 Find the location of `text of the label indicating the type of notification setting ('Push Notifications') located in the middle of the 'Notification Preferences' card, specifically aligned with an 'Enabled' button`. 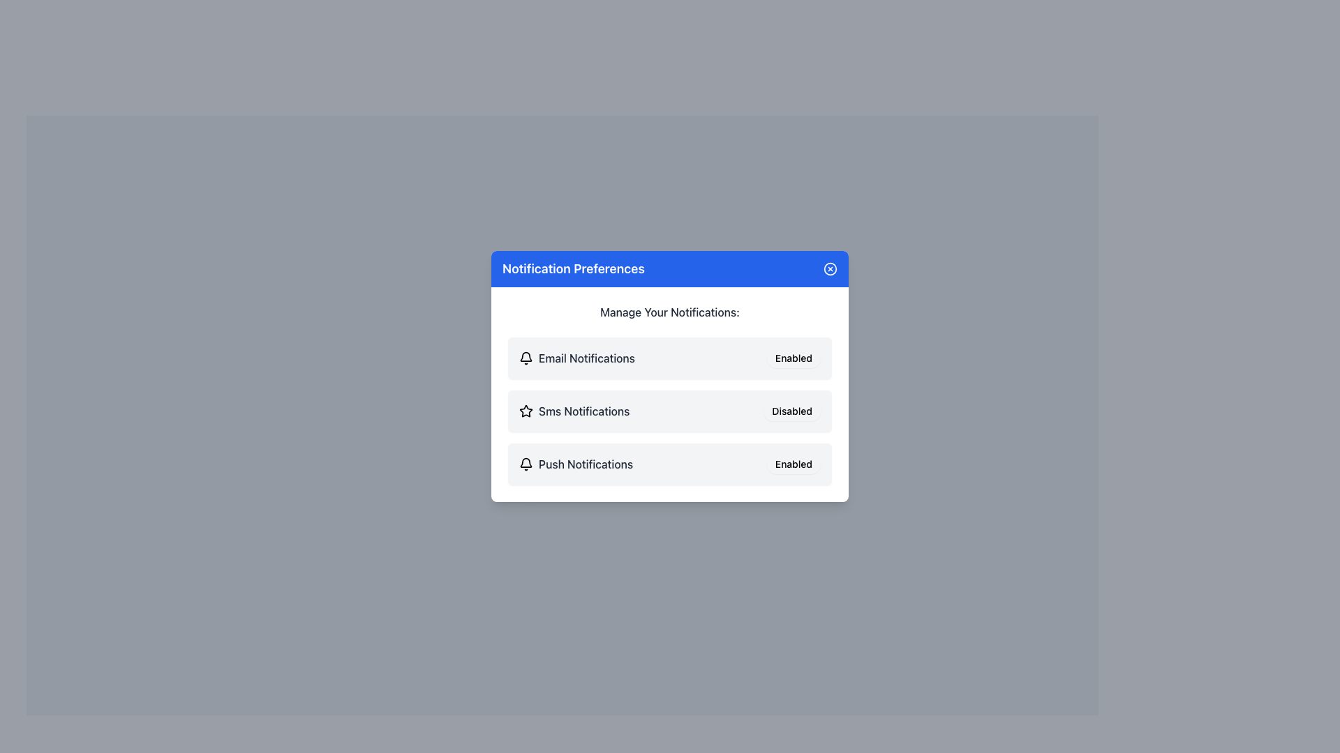

text of the label indicating the type of notification setting ('Push Notifications') located in the middle of the 'Notification Preferences' card, specifically aligned with an 'Enabled' button is located at coordinates (576, 464).